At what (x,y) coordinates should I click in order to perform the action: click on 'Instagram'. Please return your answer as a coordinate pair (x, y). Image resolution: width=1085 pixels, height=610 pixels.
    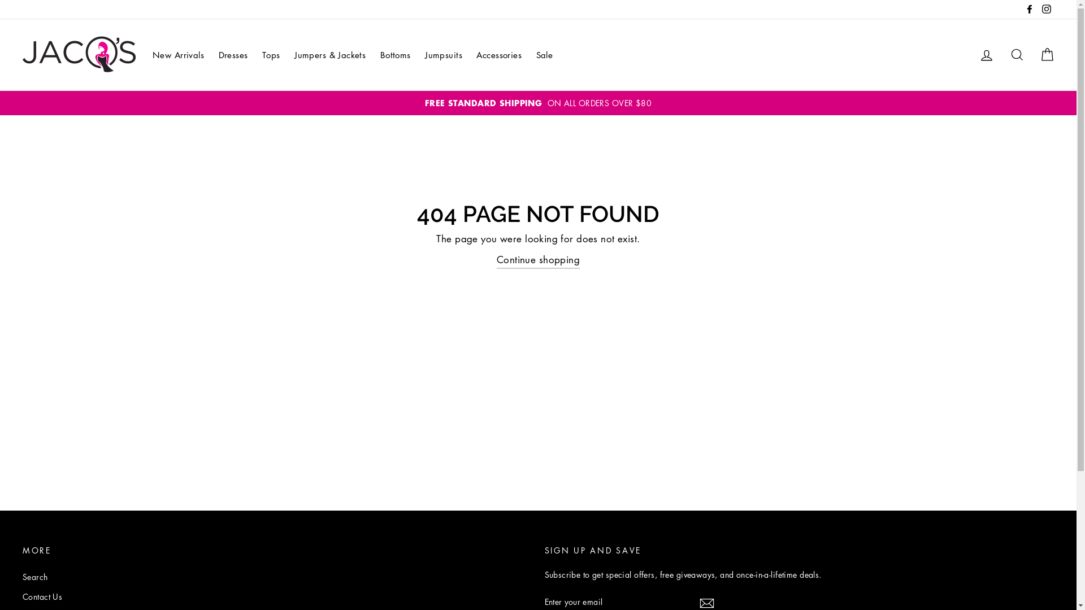
    Looking at the image, I should click on (1046, 9).